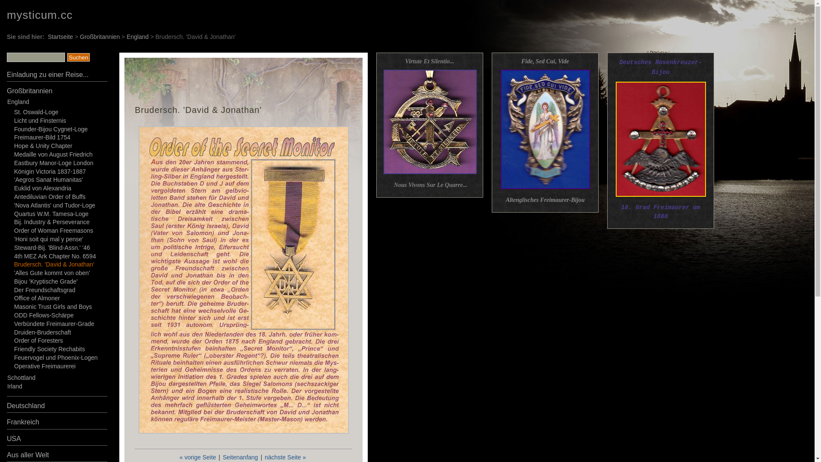 Image resolution: width=821 pixels, height=462 pixels. I want to click on 'Startseite', so click(60, 36).